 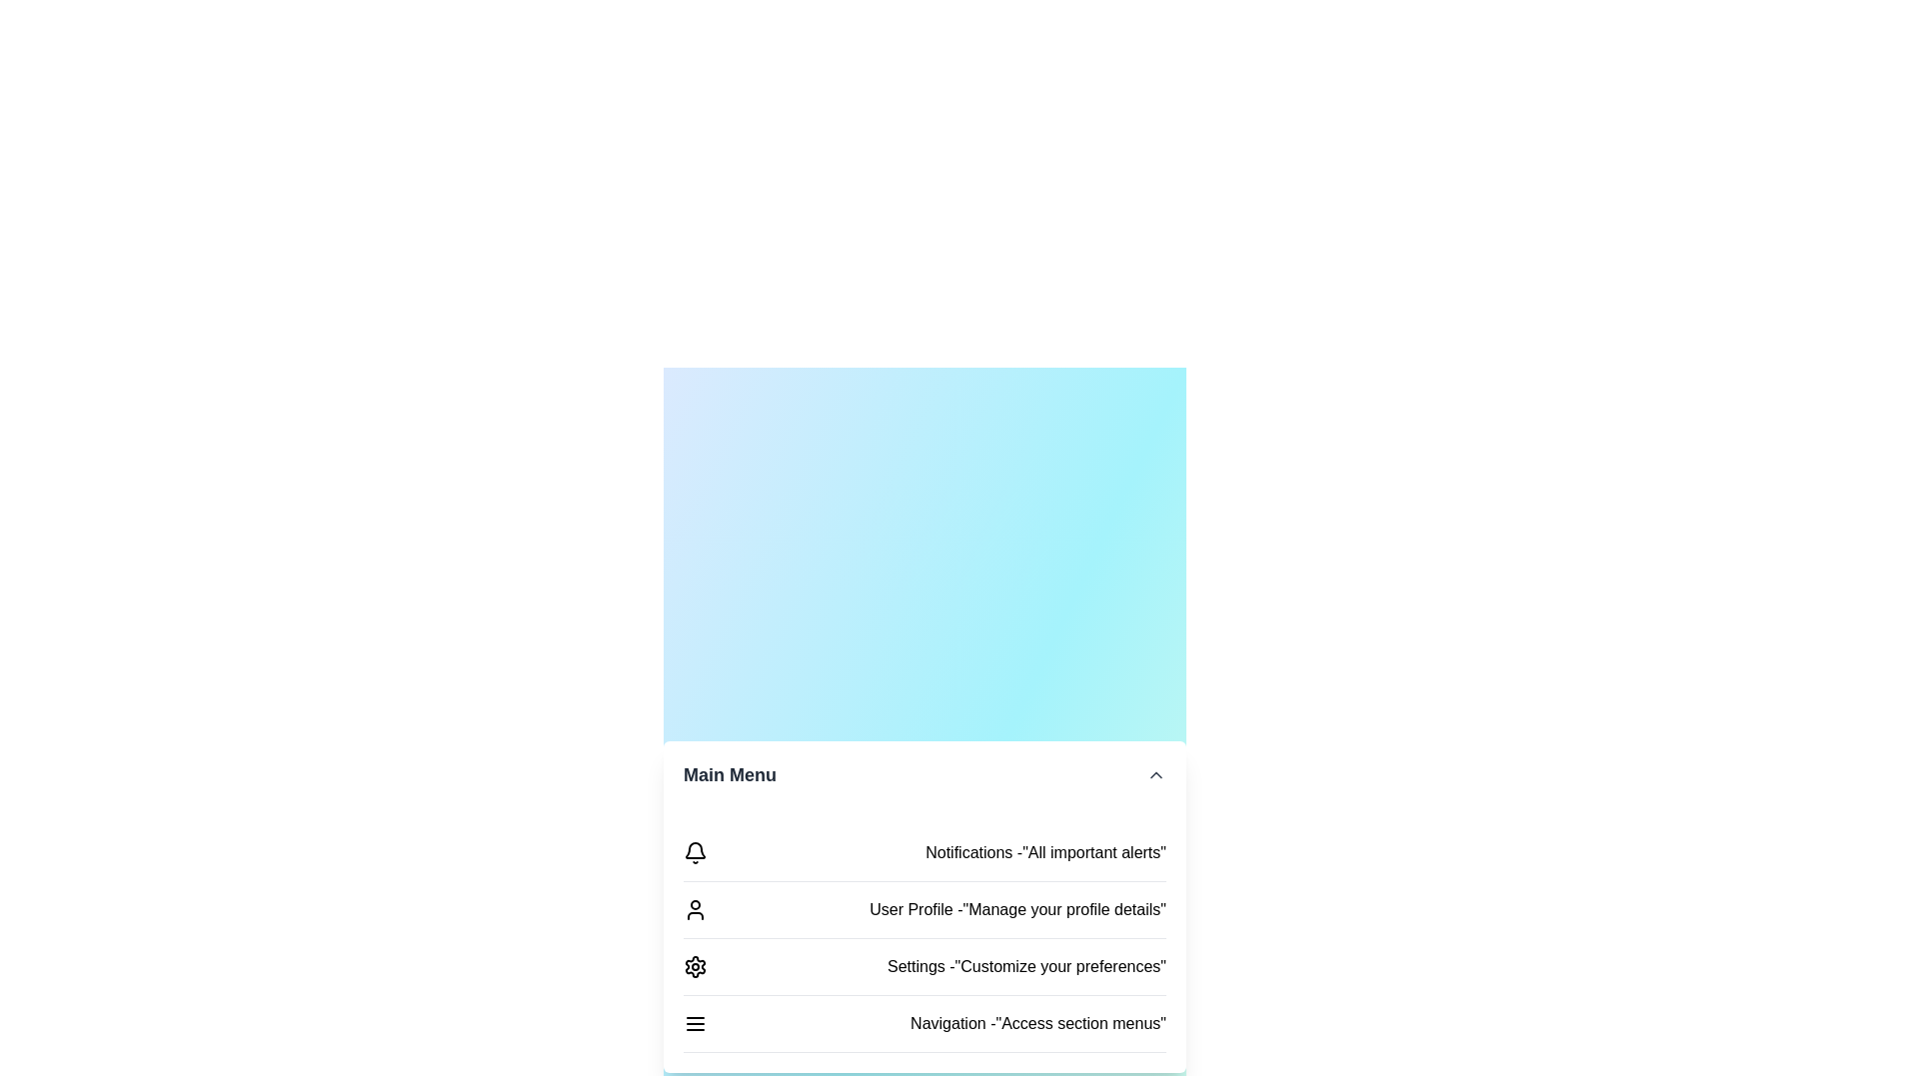 I want to click on the header text 'Main Menu' for copying, so click(x=729, y=773).